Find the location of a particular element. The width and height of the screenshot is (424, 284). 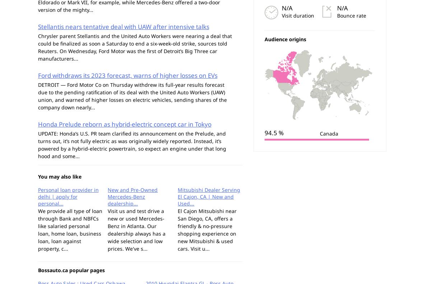

'Audience origins' is located at coordinates (284, 39).